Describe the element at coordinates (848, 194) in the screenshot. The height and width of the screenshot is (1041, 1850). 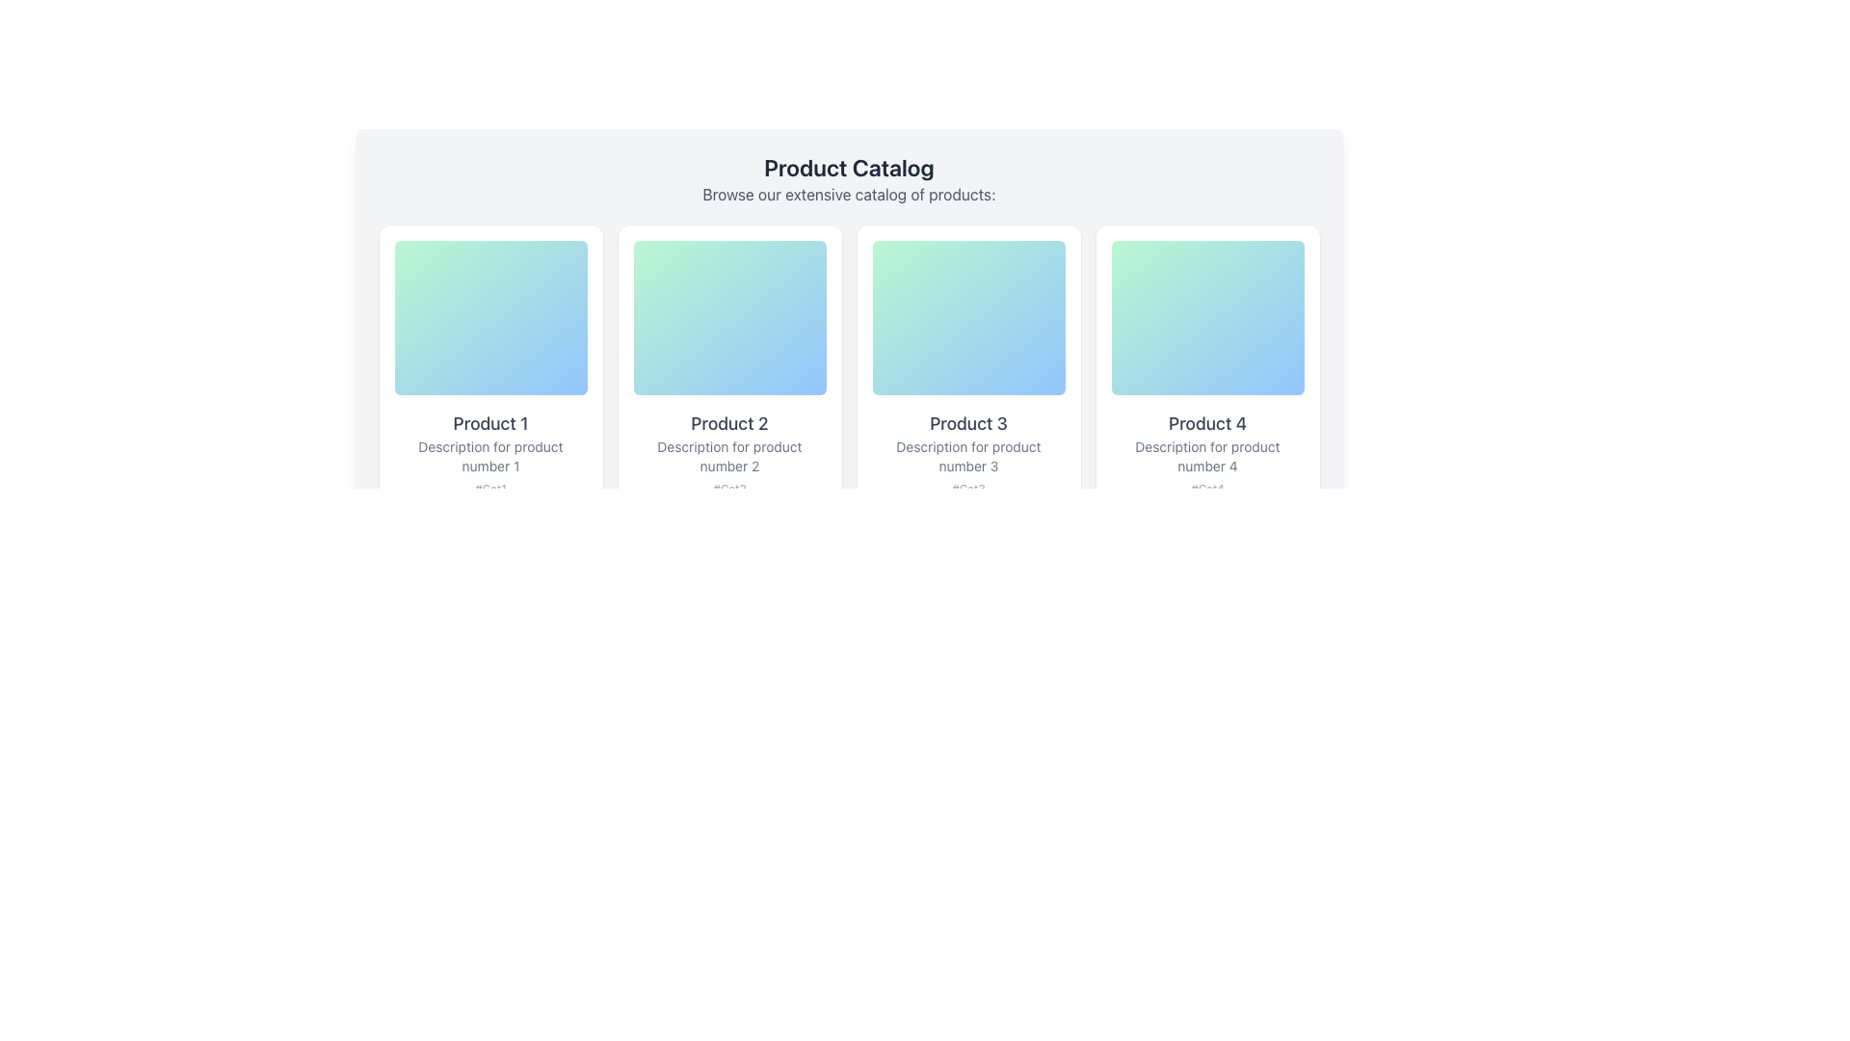
I see `text line that states 'Browse our extensive catalog of products:' which is styled in gray and located directly under the heading 'Product Catalog'` at that location.